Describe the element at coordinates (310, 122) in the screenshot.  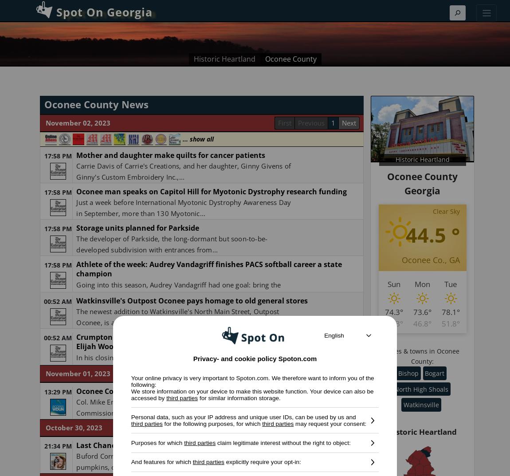
I see `'Previous'` at that location.